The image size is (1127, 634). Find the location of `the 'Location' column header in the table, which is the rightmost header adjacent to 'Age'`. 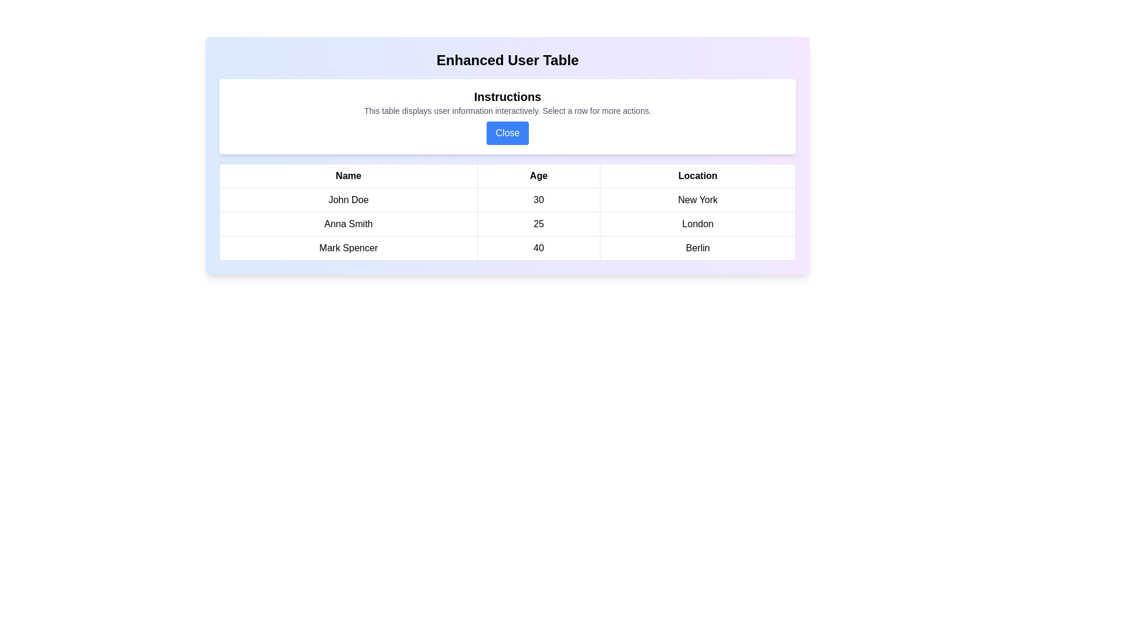

the 'Location' column header in the table, which is the rightmost header adjacent to 'Age' is located at coordinates (698, 176).